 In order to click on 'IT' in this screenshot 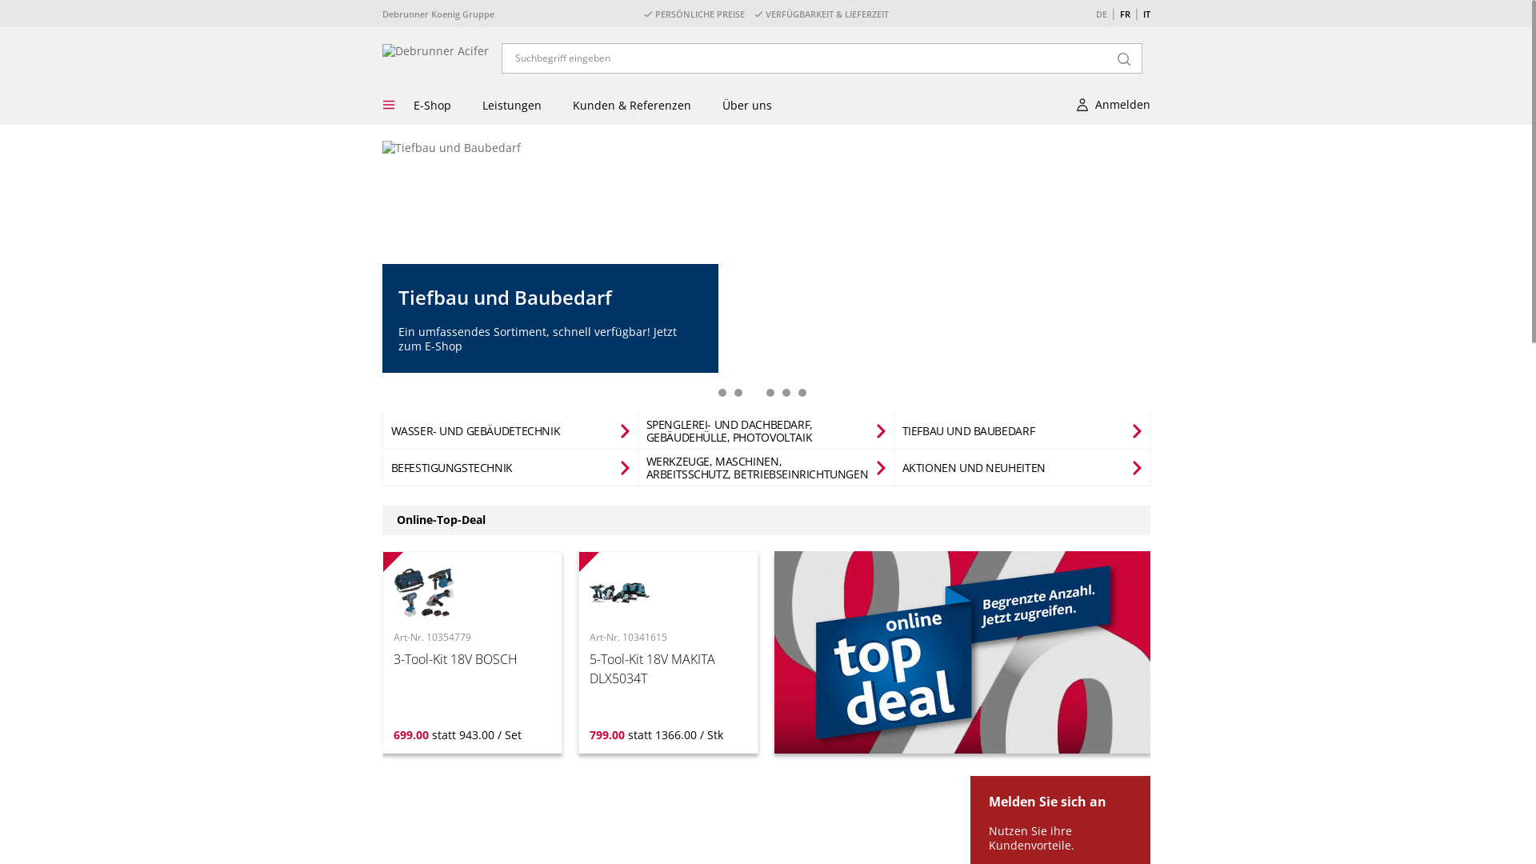, I will do `click(1142, 14)`.